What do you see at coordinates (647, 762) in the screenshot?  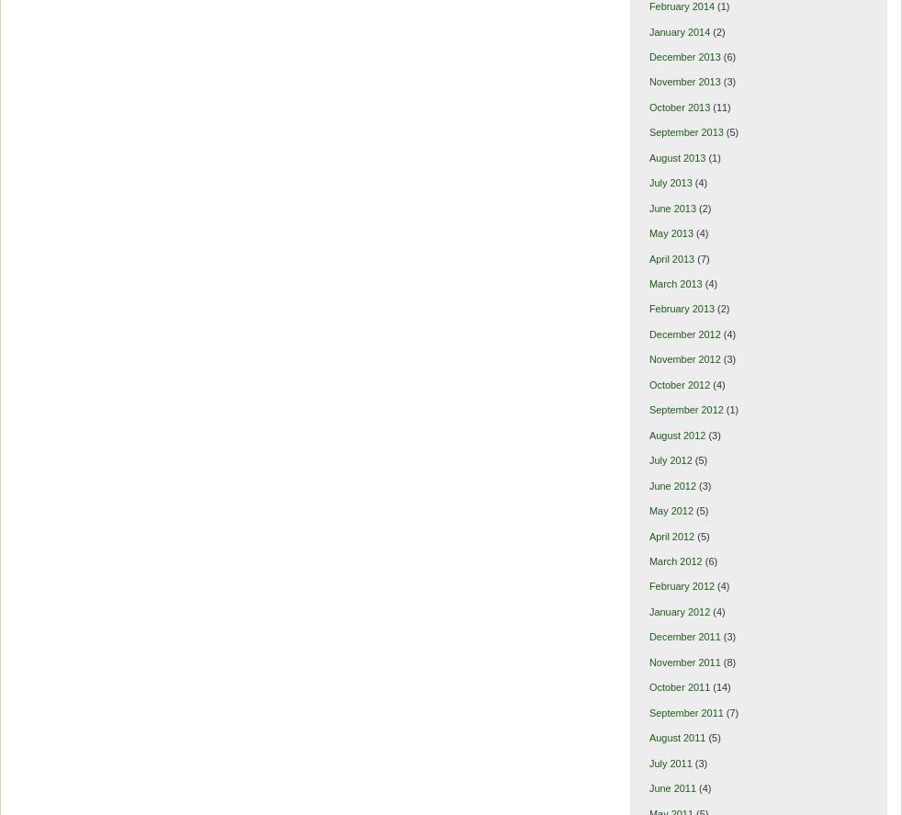 I see `'July 2011'` at bounding box center [647, 762].